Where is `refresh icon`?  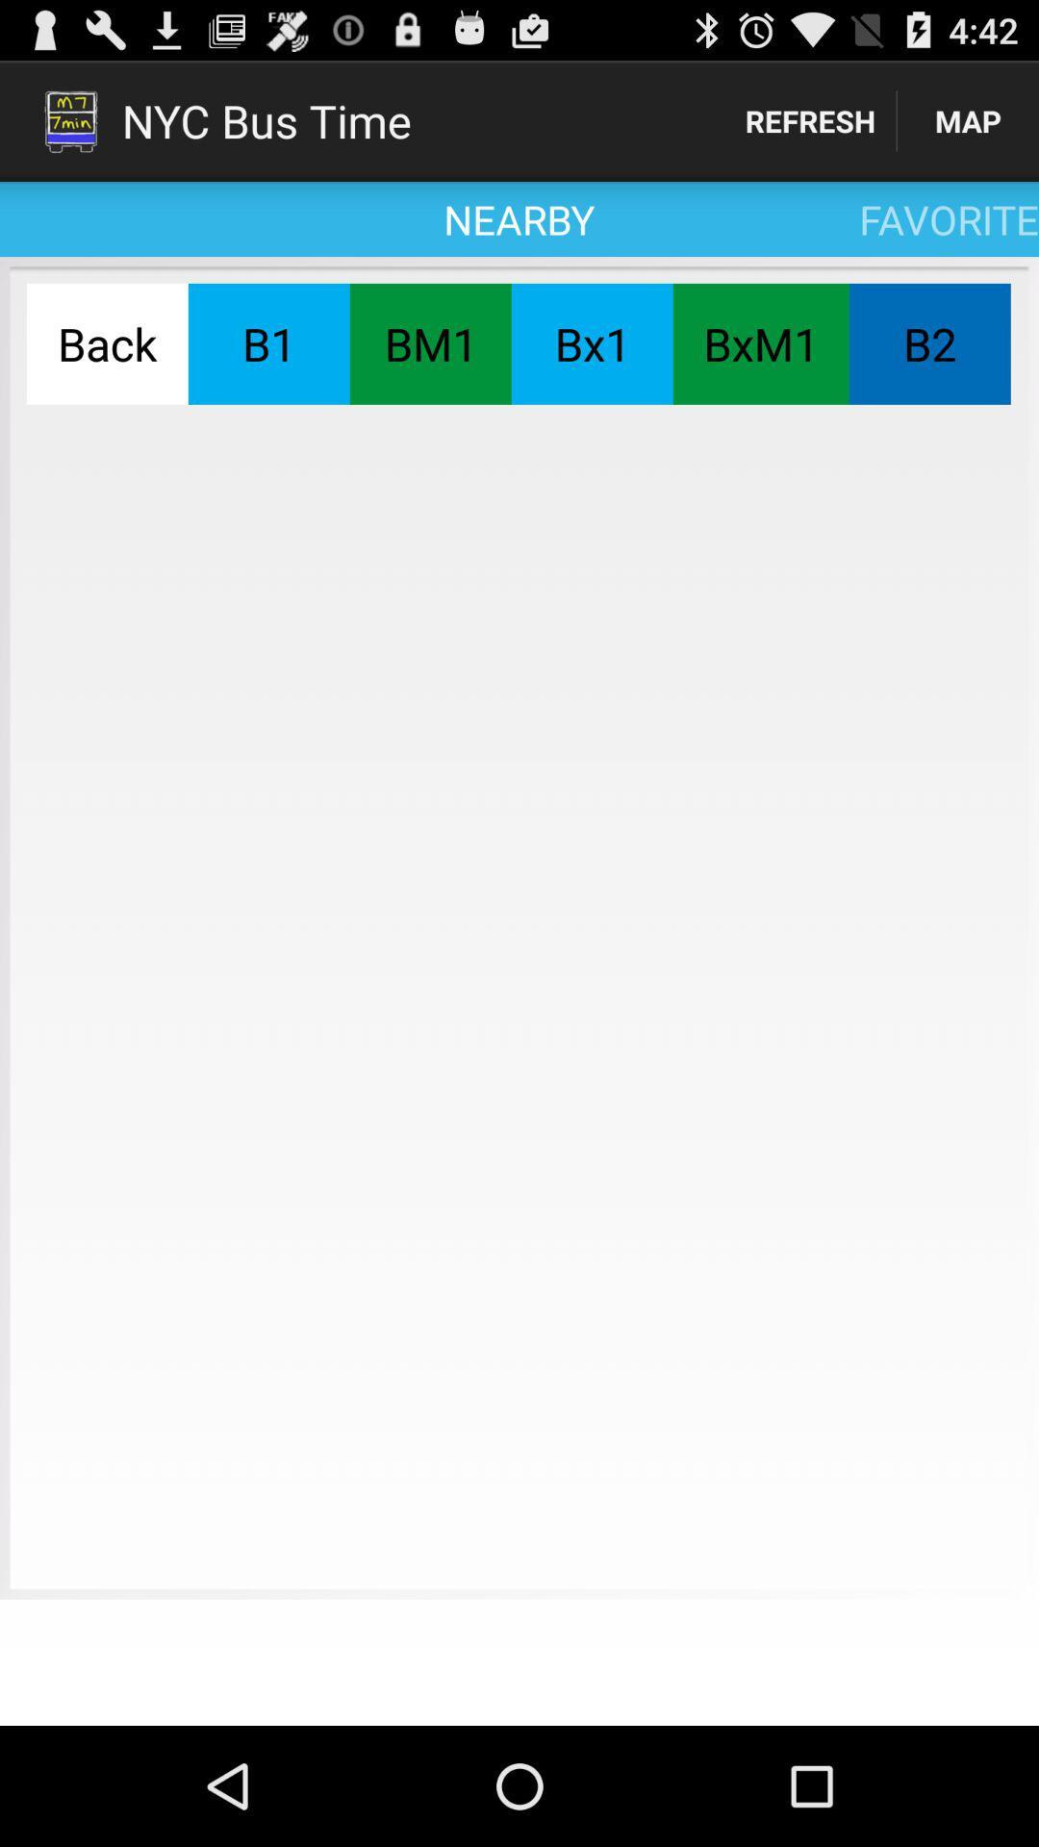 refresh icon is located at coordinates (810, 119).